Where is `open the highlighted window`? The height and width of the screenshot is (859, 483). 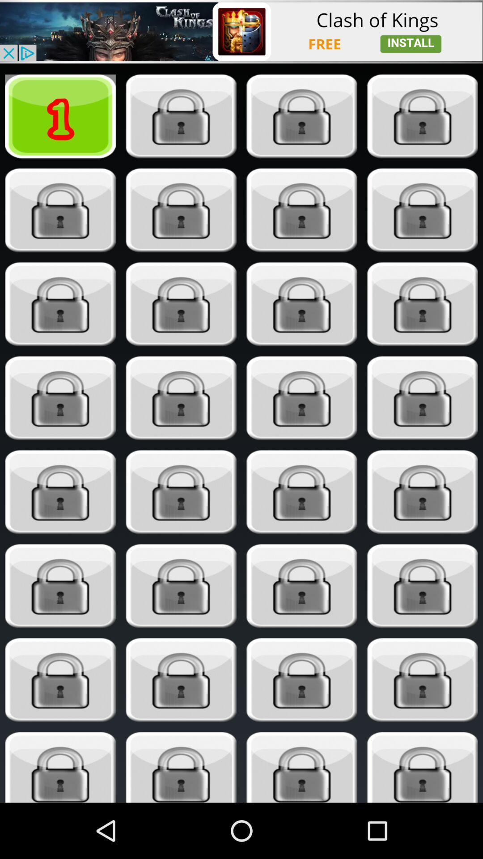 open the highlighted window is located at coordinates (181, 304).